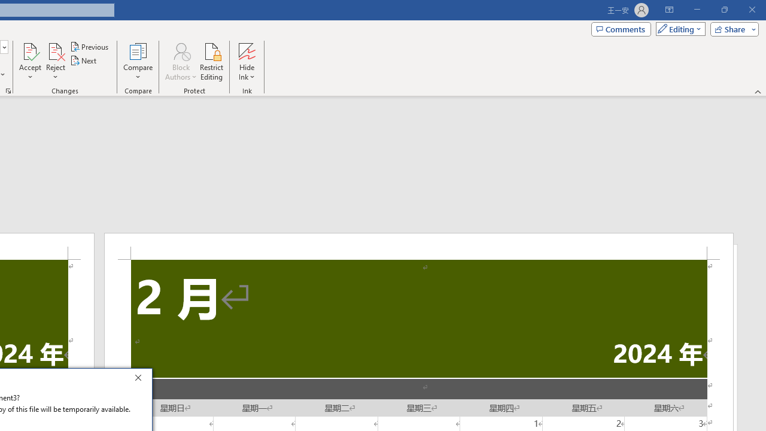  Describe the element at coordinates (678, 28) in the screenshot. I see `'Mode'` at that location.